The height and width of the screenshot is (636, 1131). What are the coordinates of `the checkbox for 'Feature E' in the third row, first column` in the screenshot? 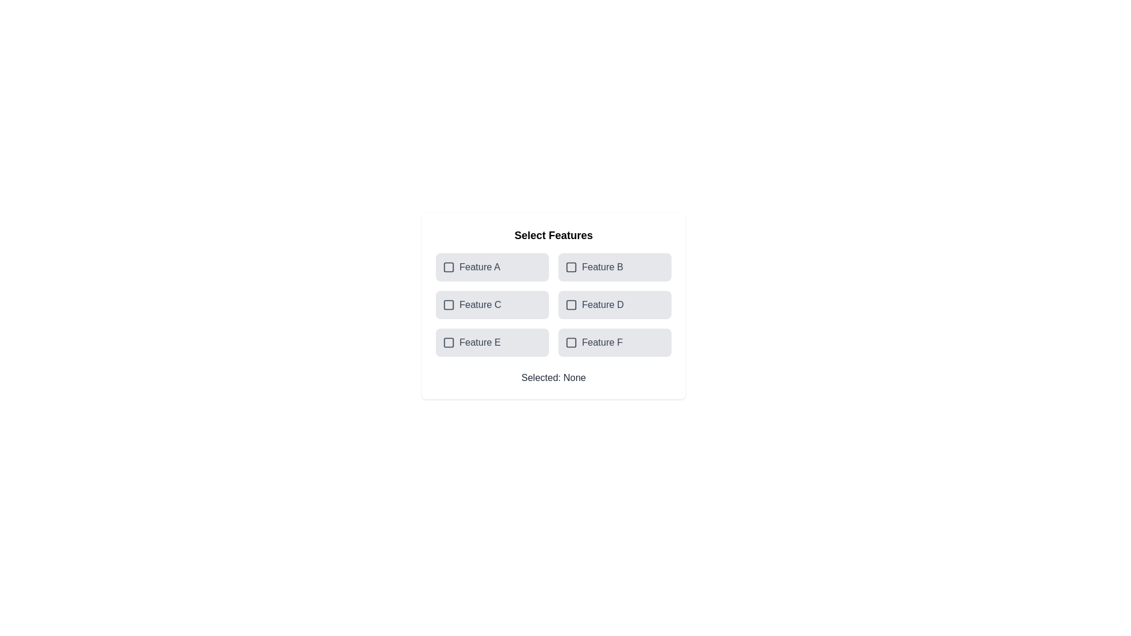 It's located at (448, 343).